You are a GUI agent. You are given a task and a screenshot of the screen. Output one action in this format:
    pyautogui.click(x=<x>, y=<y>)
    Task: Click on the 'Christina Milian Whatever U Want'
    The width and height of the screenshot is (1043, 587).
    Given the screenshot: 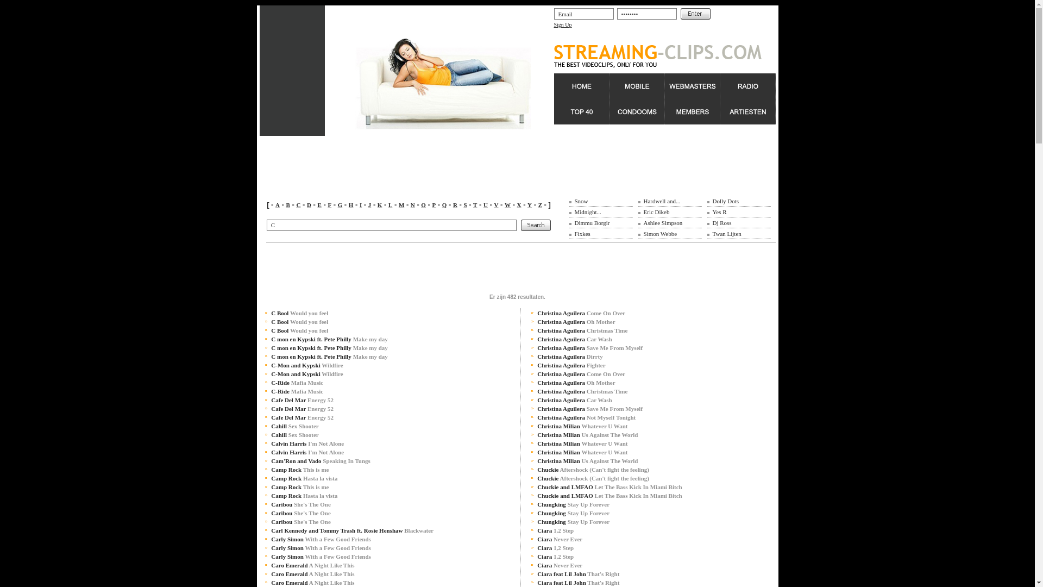 What is the action you would take?
    pyautogui.click(x=581, y=452)
    